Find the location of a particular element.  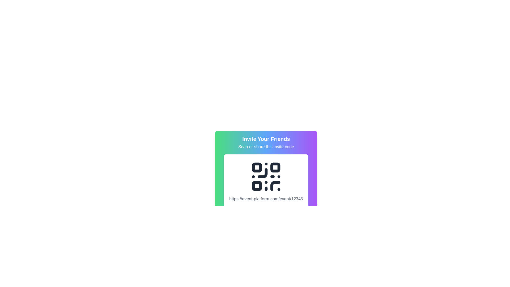

the small, square-shaped UI component located in the top left corner of the QR code illustration, which is white with a black border is located at coordinates (257, 167).